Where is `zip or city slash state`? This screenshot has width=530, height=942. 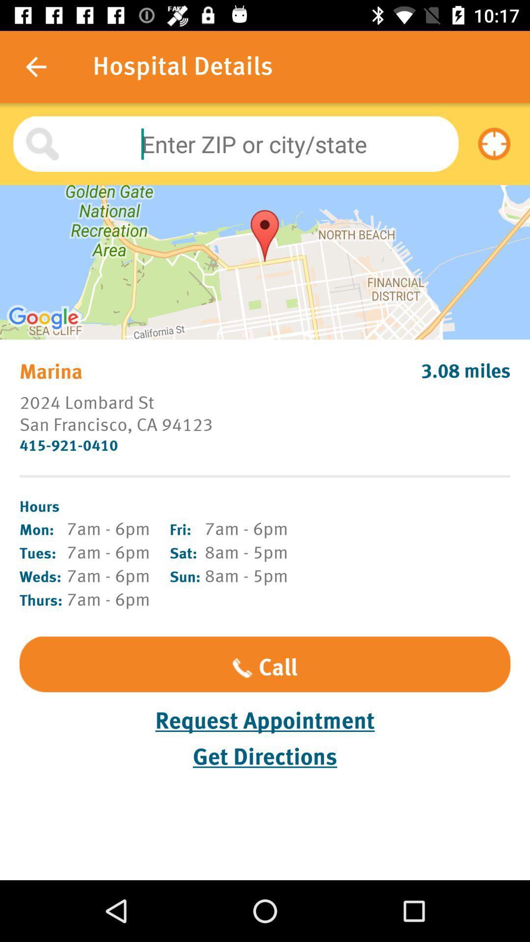 zip or city slash state is located at coordinates (236, 143).